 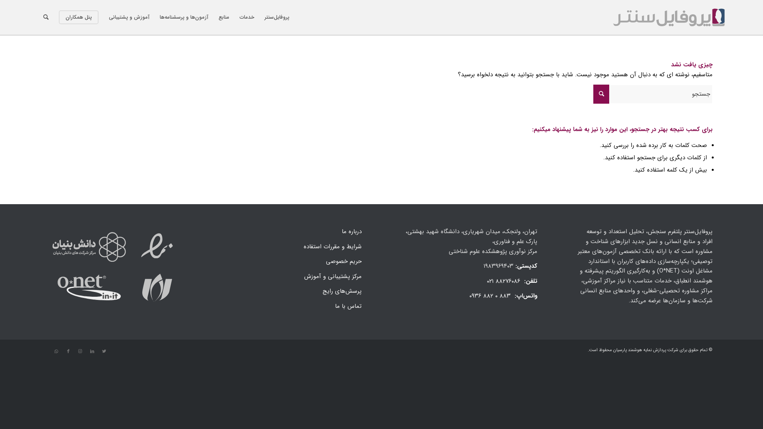 What do you see at coordinates (56, 351) in the screenshot?
I see `'WhatsApp'` at bounding box center [56, 351].